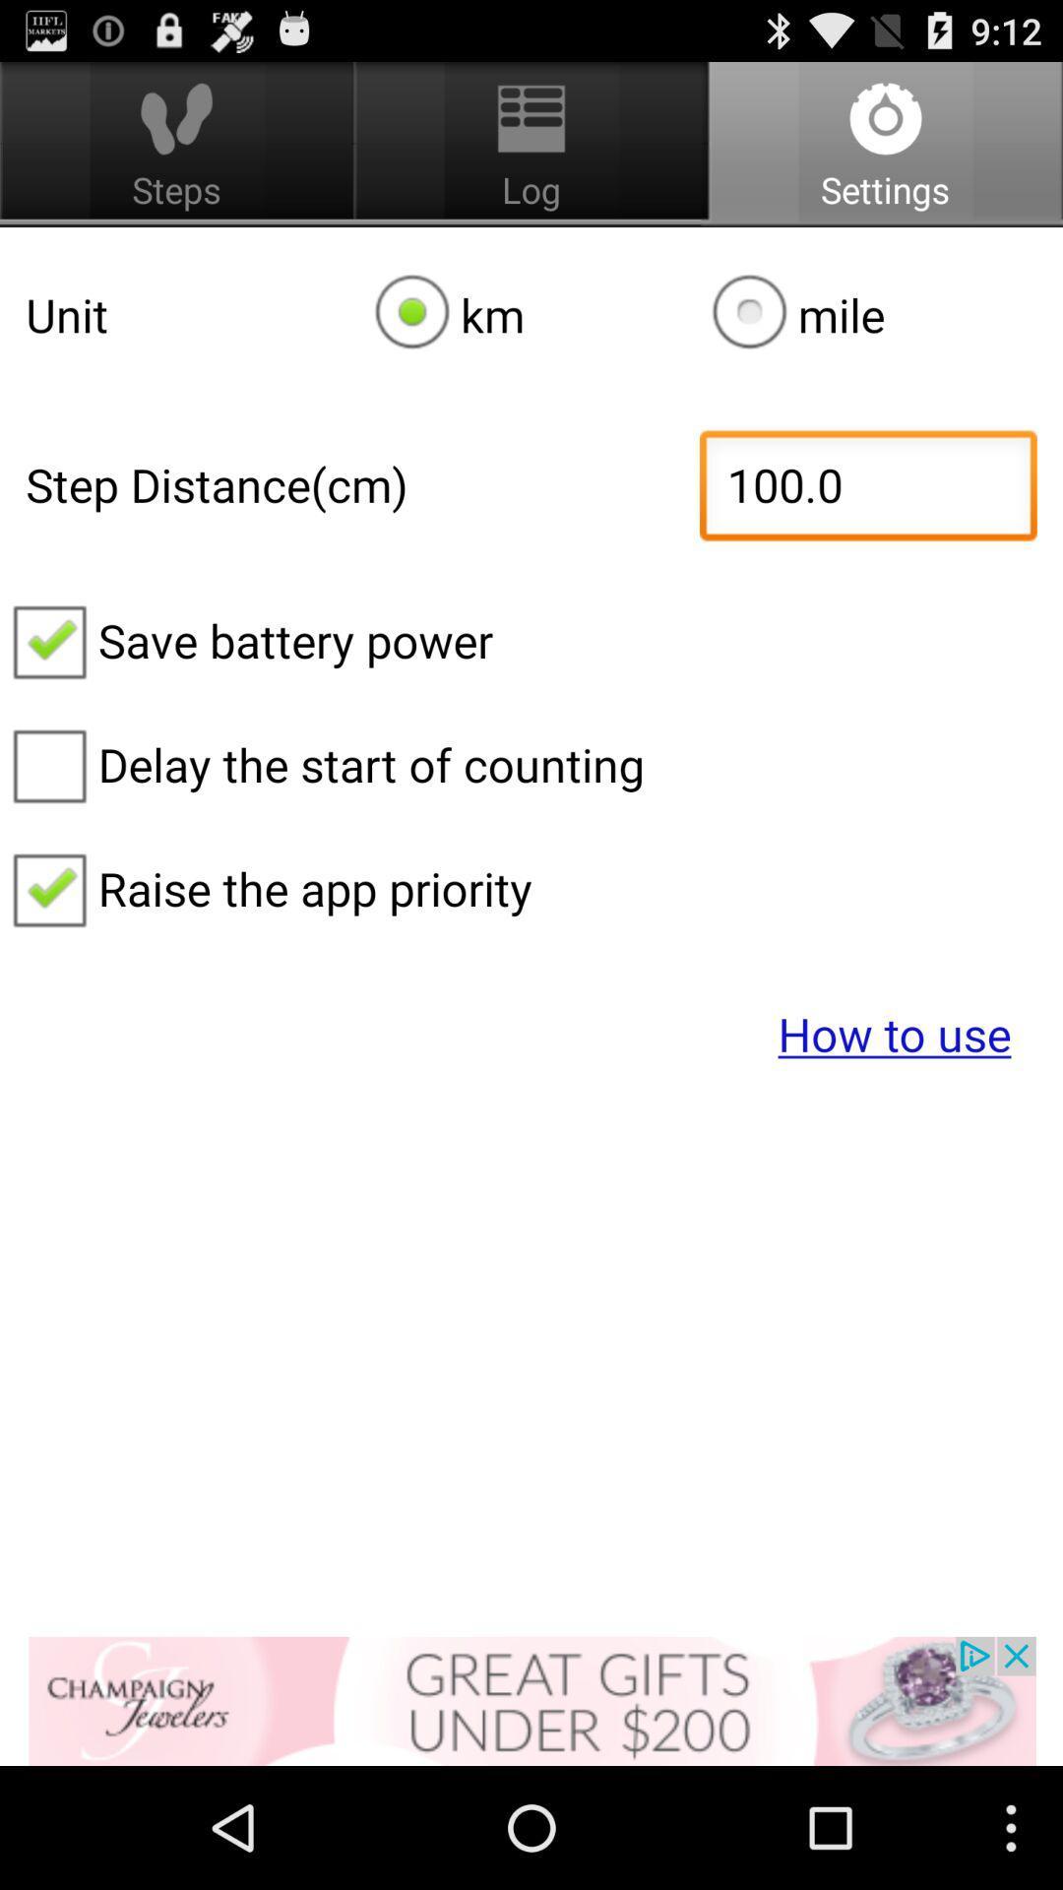 This screenshot has width=1063, height=1890. I want to click on advertisement banner would take off site, so click(531, 1700).